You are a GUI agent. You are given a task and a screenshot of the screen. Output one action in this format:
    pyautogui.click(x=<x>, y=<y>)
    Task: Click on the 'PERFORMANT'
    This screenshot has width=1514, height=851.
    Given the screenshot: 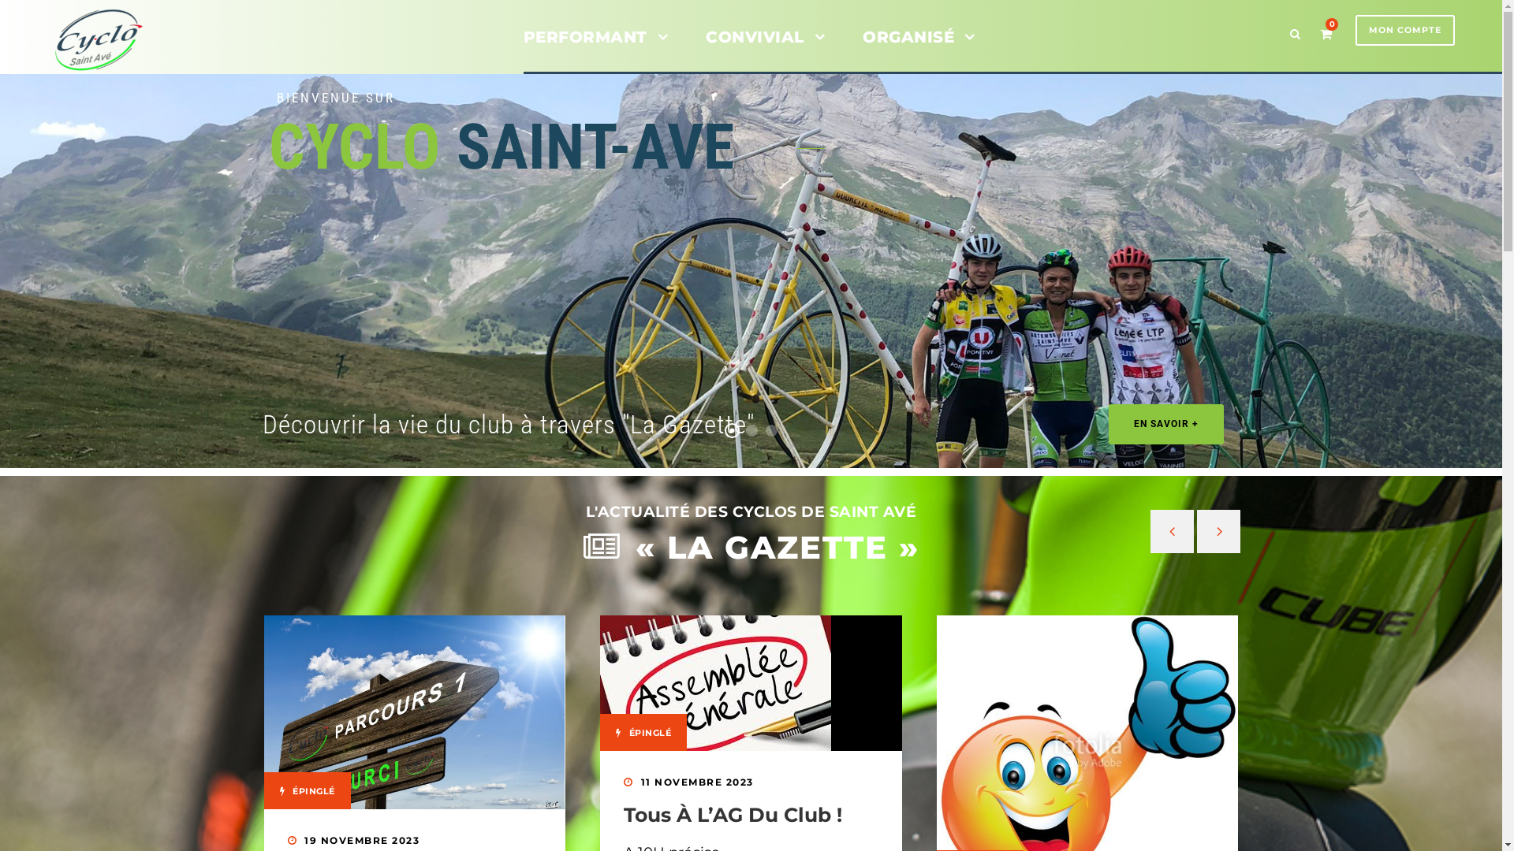 What is the action you would take?
    pyautogui.click(x=595, y=47)
    